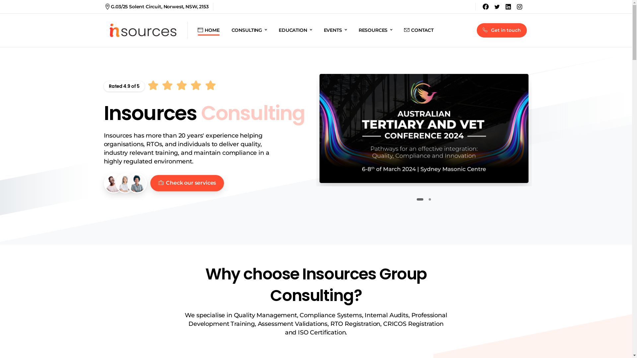  I want to click on 'Facebook', so click(486, 6).